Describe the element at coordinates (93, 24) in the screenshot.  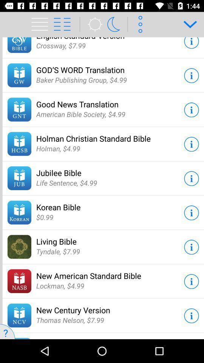
I see `the weather icon` at that location.